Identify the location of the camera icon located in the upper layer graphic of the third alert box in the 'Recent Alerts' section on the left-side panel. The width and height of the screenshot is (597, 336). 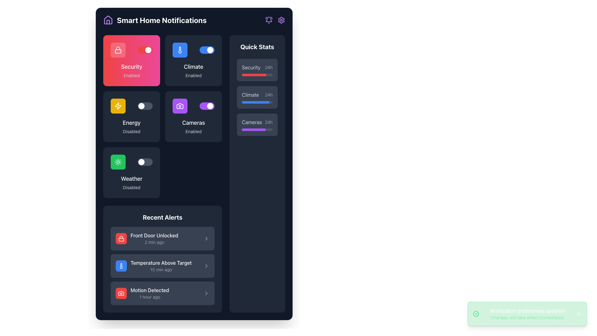
(121, 293).